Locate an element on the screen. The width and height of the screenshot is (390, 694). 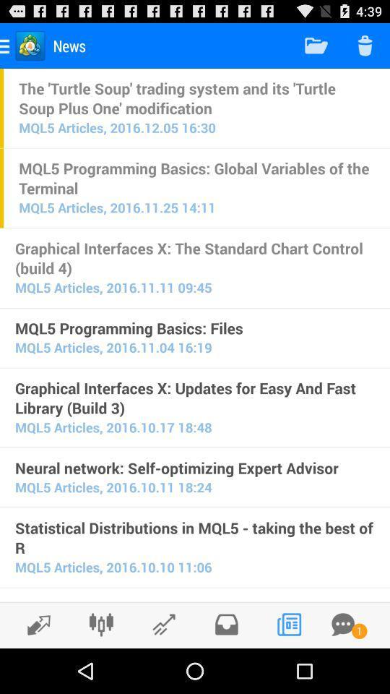
other messages is located at coordinates (342, 624).